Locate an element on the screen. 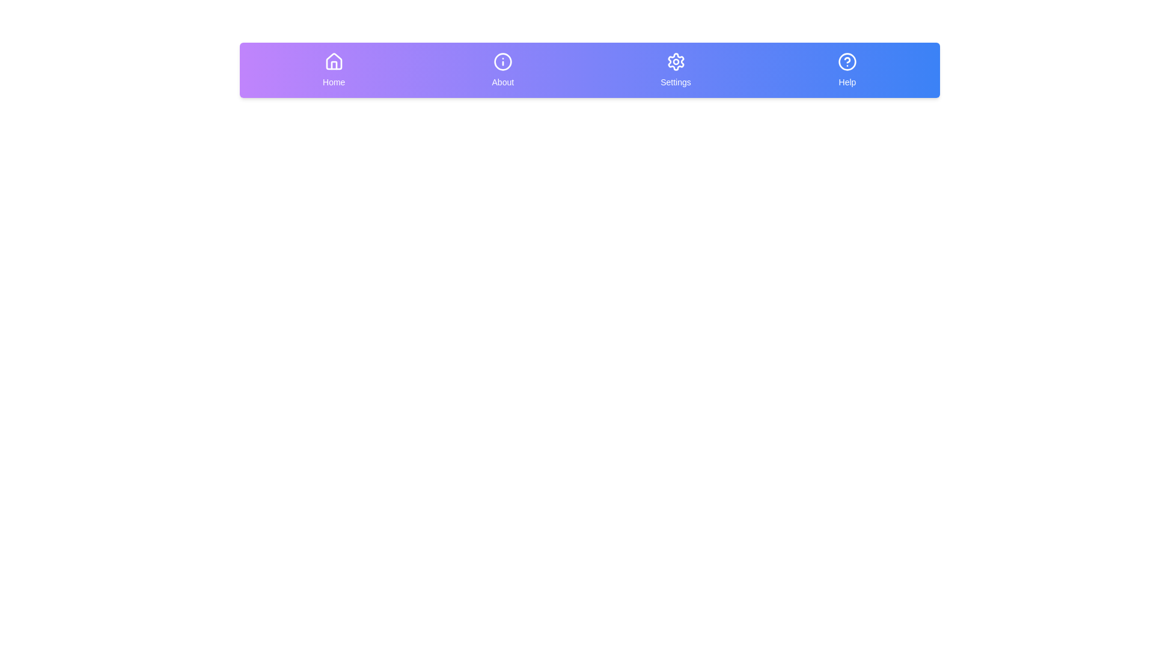 The height and width of the screenshot is (649, 1154). the help button located at the top-right corner of the navigation bar is located at coordinates (846, 70).